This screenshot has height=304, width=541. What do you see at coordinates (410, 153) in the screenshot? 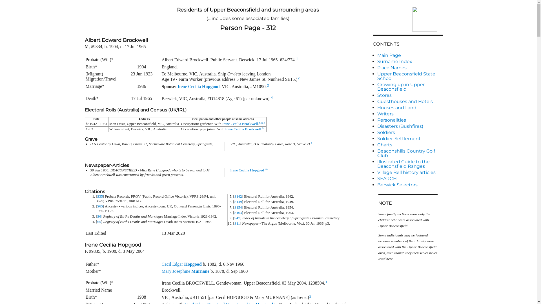
I see `'Beaconshills Country Golf Club'` at bounding box center [410, 153].